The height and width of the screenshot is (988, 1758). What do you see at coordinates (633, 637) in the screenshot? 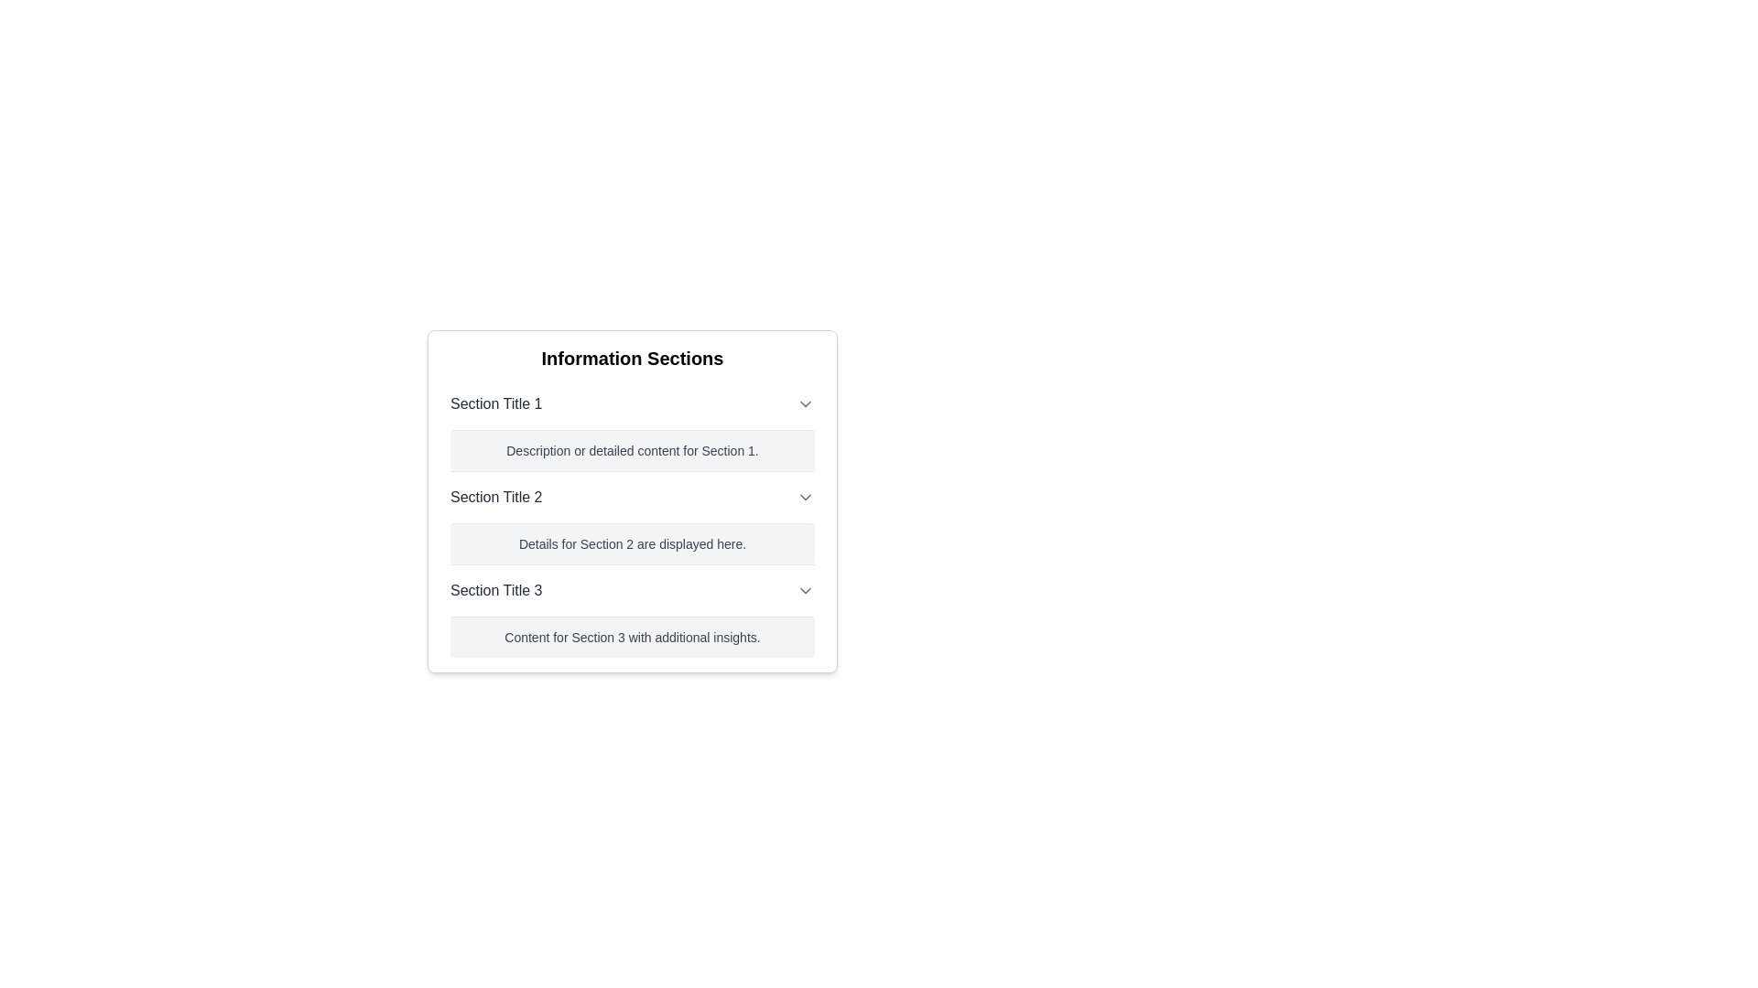
I see `the non-interactive text label displaying 'Content for Section 3 with additional insights.' located` at bounding box center [633, 637].